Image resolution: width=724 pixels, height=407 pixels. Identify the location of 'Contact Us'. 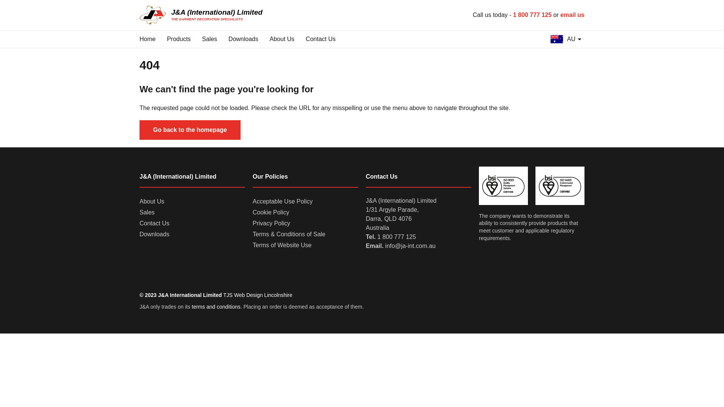
(321, 39).